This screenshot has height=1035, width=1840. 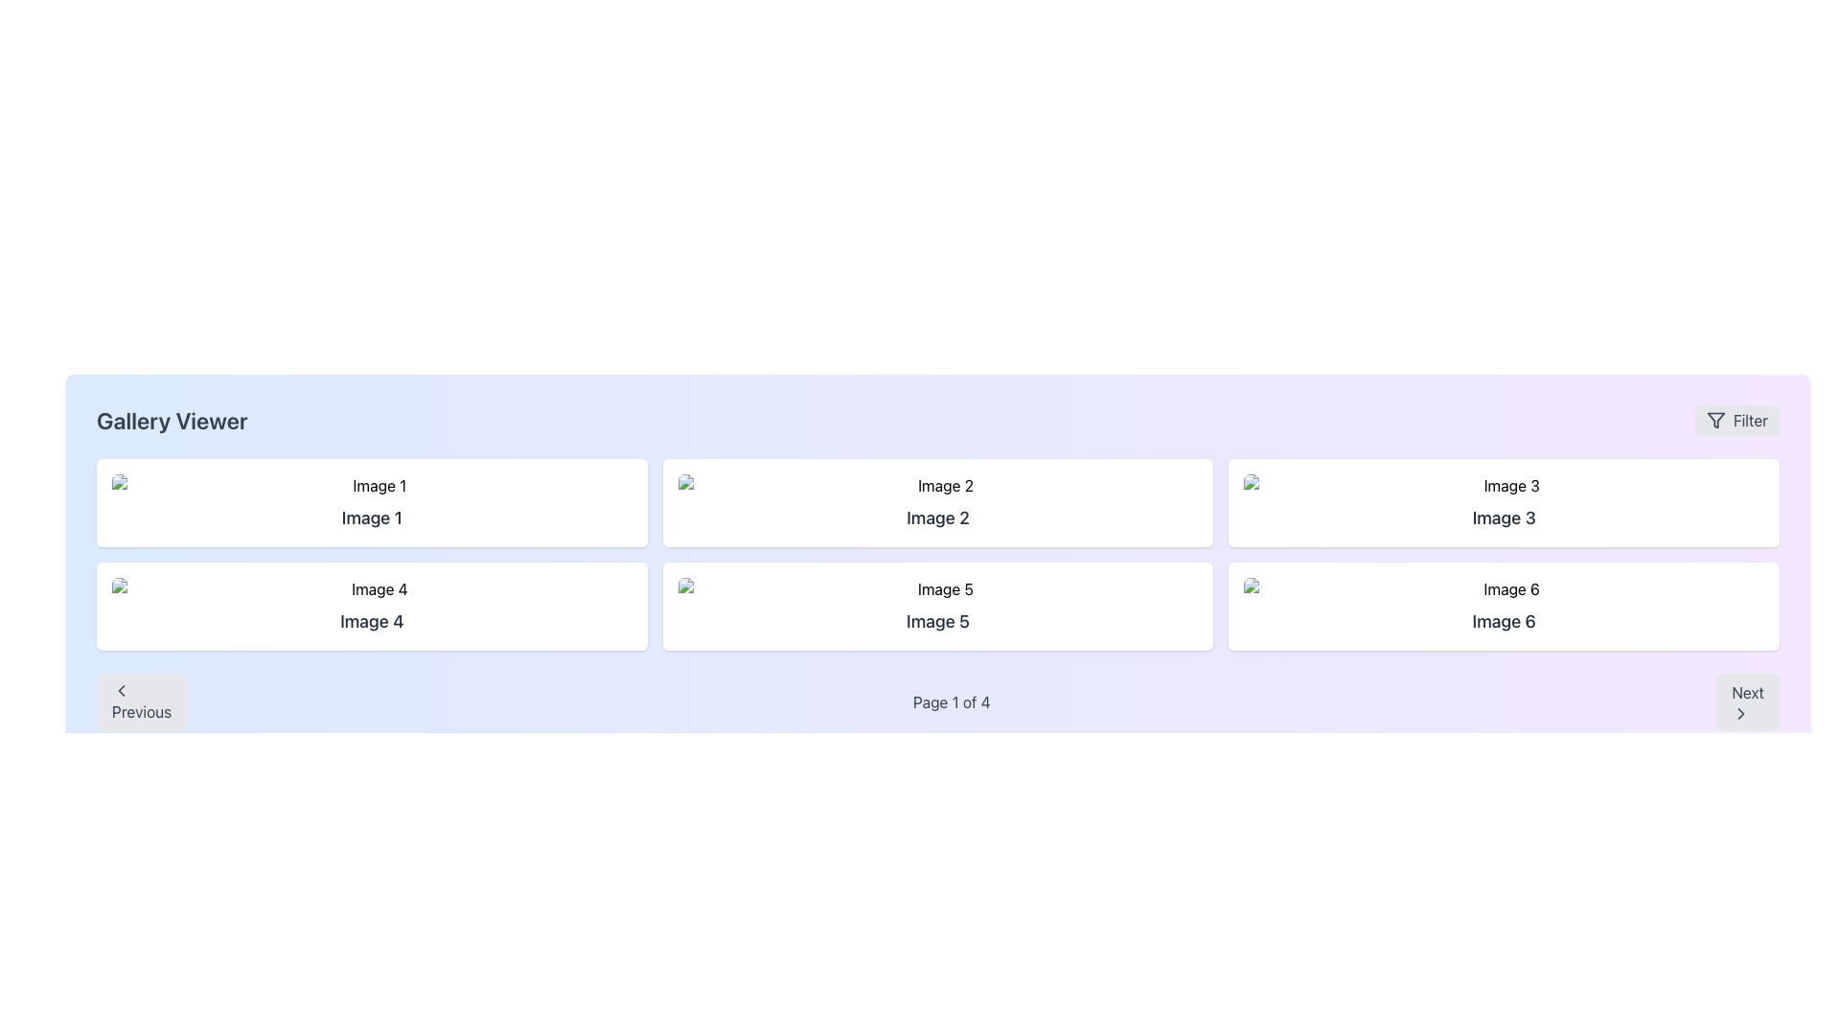 I want to click on the image placeholder located at the top center of the second card, which is positioned above the text 'Image 2', so click(x=938, y=484).